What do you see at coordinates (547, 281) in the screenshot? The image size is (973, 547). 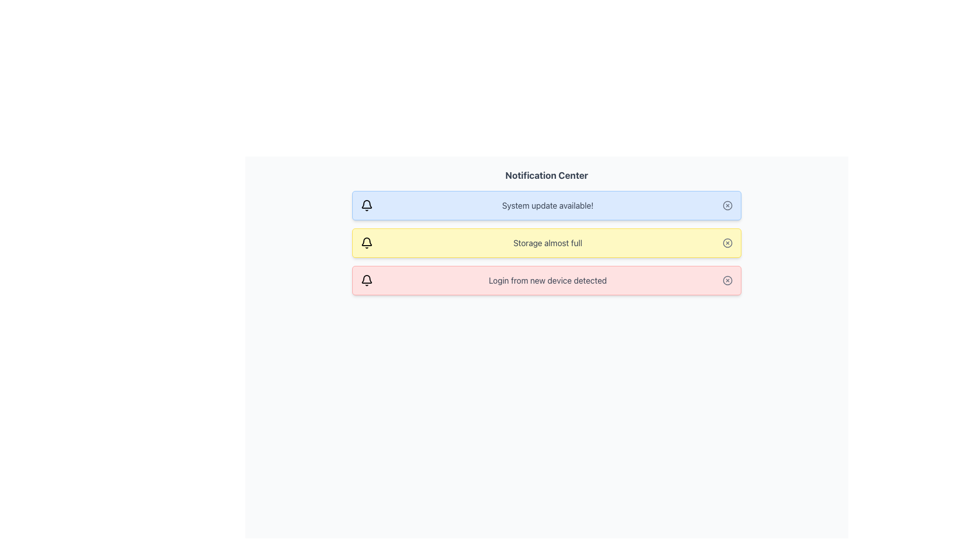 I see `notification text 'Login from new device detected' from the Text Label element, which is styled in a medium-to-bold gray typeface and has a pink background bar with rounded corners, located near the bottom of the Notification Center interface` at bounding box center [547, 281].